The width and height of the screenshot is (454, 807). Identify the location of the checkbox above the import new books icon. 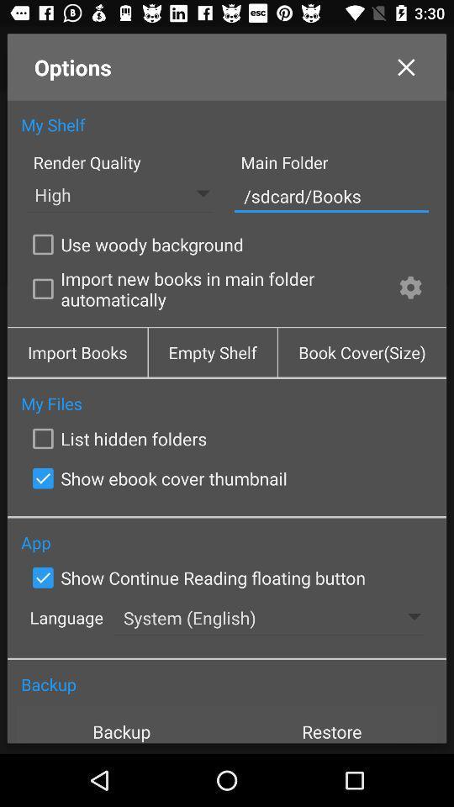
(134, 243).